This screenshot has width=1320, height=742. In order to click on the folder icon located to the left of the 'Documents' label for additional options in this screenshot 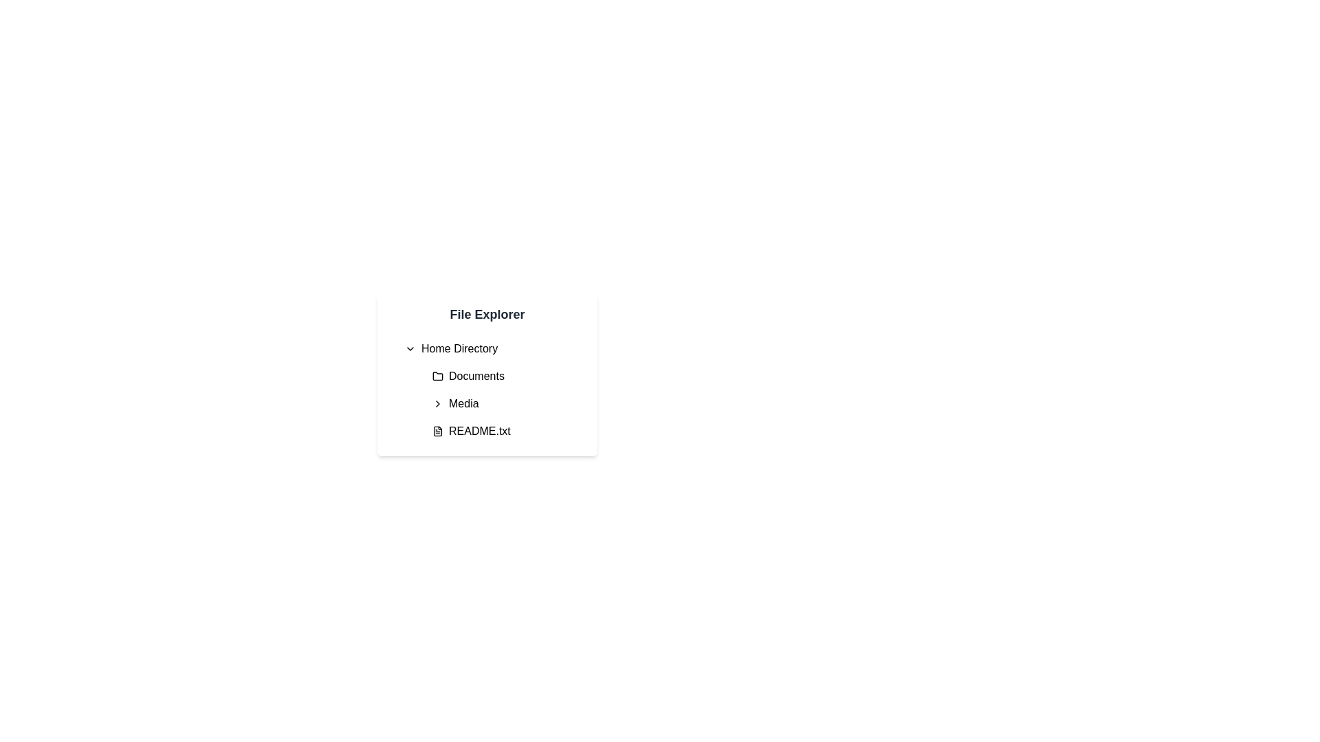, I will do `click(437, 376)`.